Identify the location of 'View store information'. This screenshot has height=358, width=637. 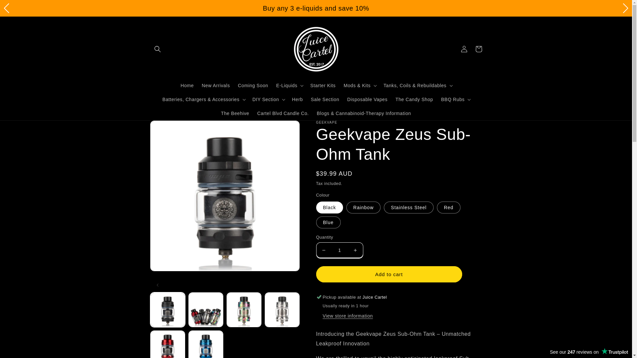
(322, 316).